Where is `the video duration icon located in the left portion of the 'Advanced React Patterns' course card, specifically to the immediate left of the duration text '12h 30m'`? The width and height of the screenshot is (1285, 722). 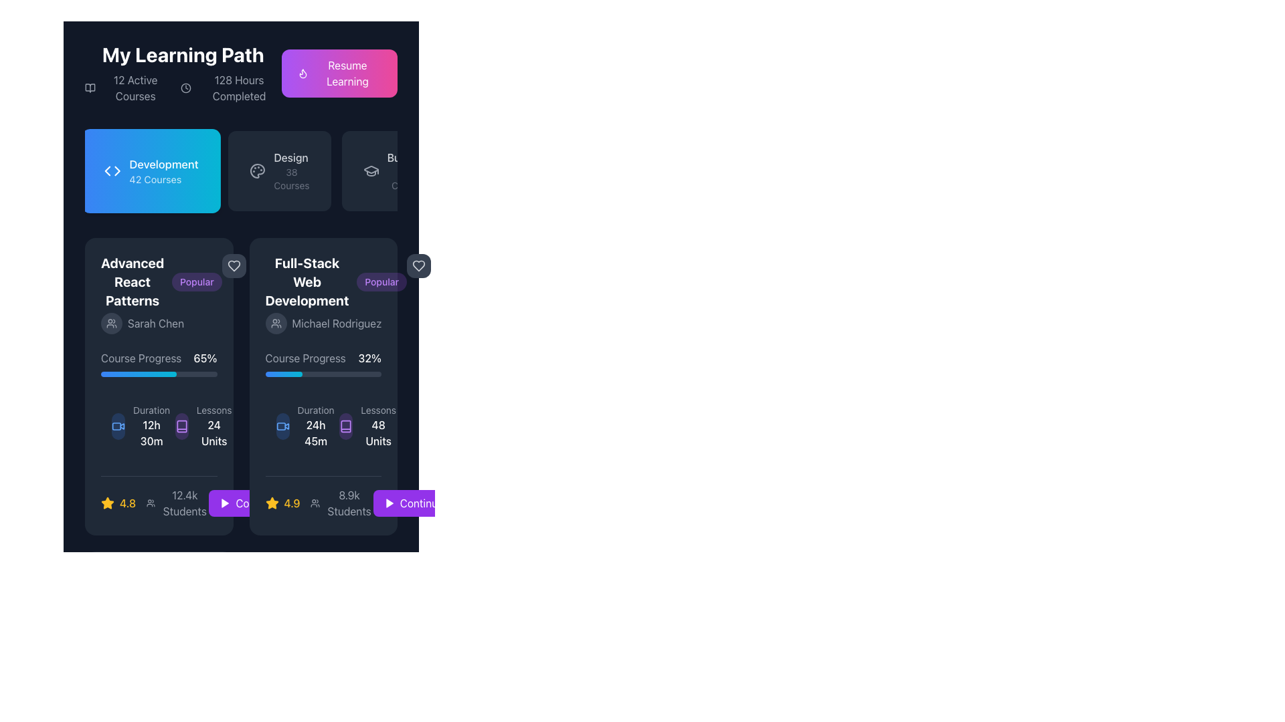 the video duration icon located in the left portion of the 'Advanced React Patterns' course card, specifically to the immediate left of the duration text '12h 30m' is located at coordinates (118, 426).